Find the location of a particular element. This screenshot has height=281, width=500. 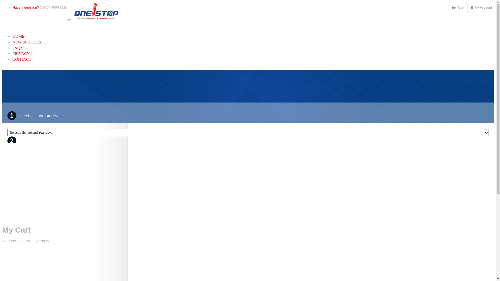

'view book list' is located at coordinates (22, 177).